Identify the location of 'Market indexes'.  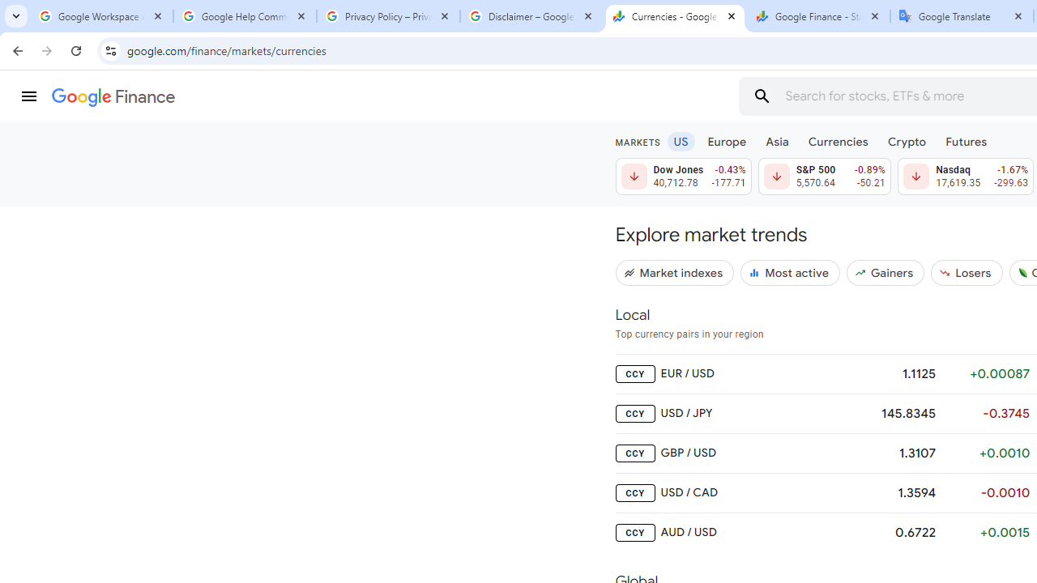
(675, 271).